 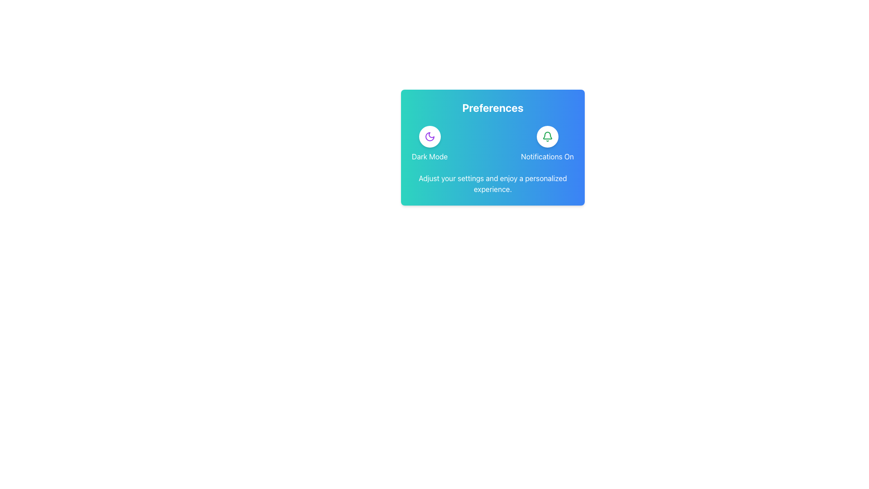 I want to click on the circular button with a purple crescent moon symbol above the text 'Dark Mode', so click(x=429, y=143).